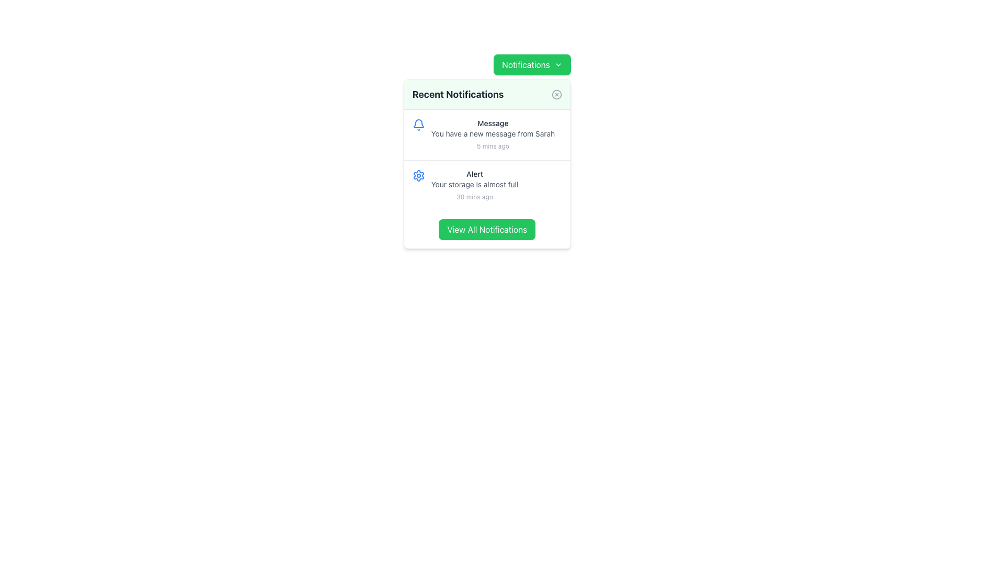 The width and height of the screenshot is (1004, 565). Describe the element at coordinates (486, 185) in the screenshot. I see `notification with the gear icon titled 'Alert' that indicates 'Your storage is almost full'` at that location.